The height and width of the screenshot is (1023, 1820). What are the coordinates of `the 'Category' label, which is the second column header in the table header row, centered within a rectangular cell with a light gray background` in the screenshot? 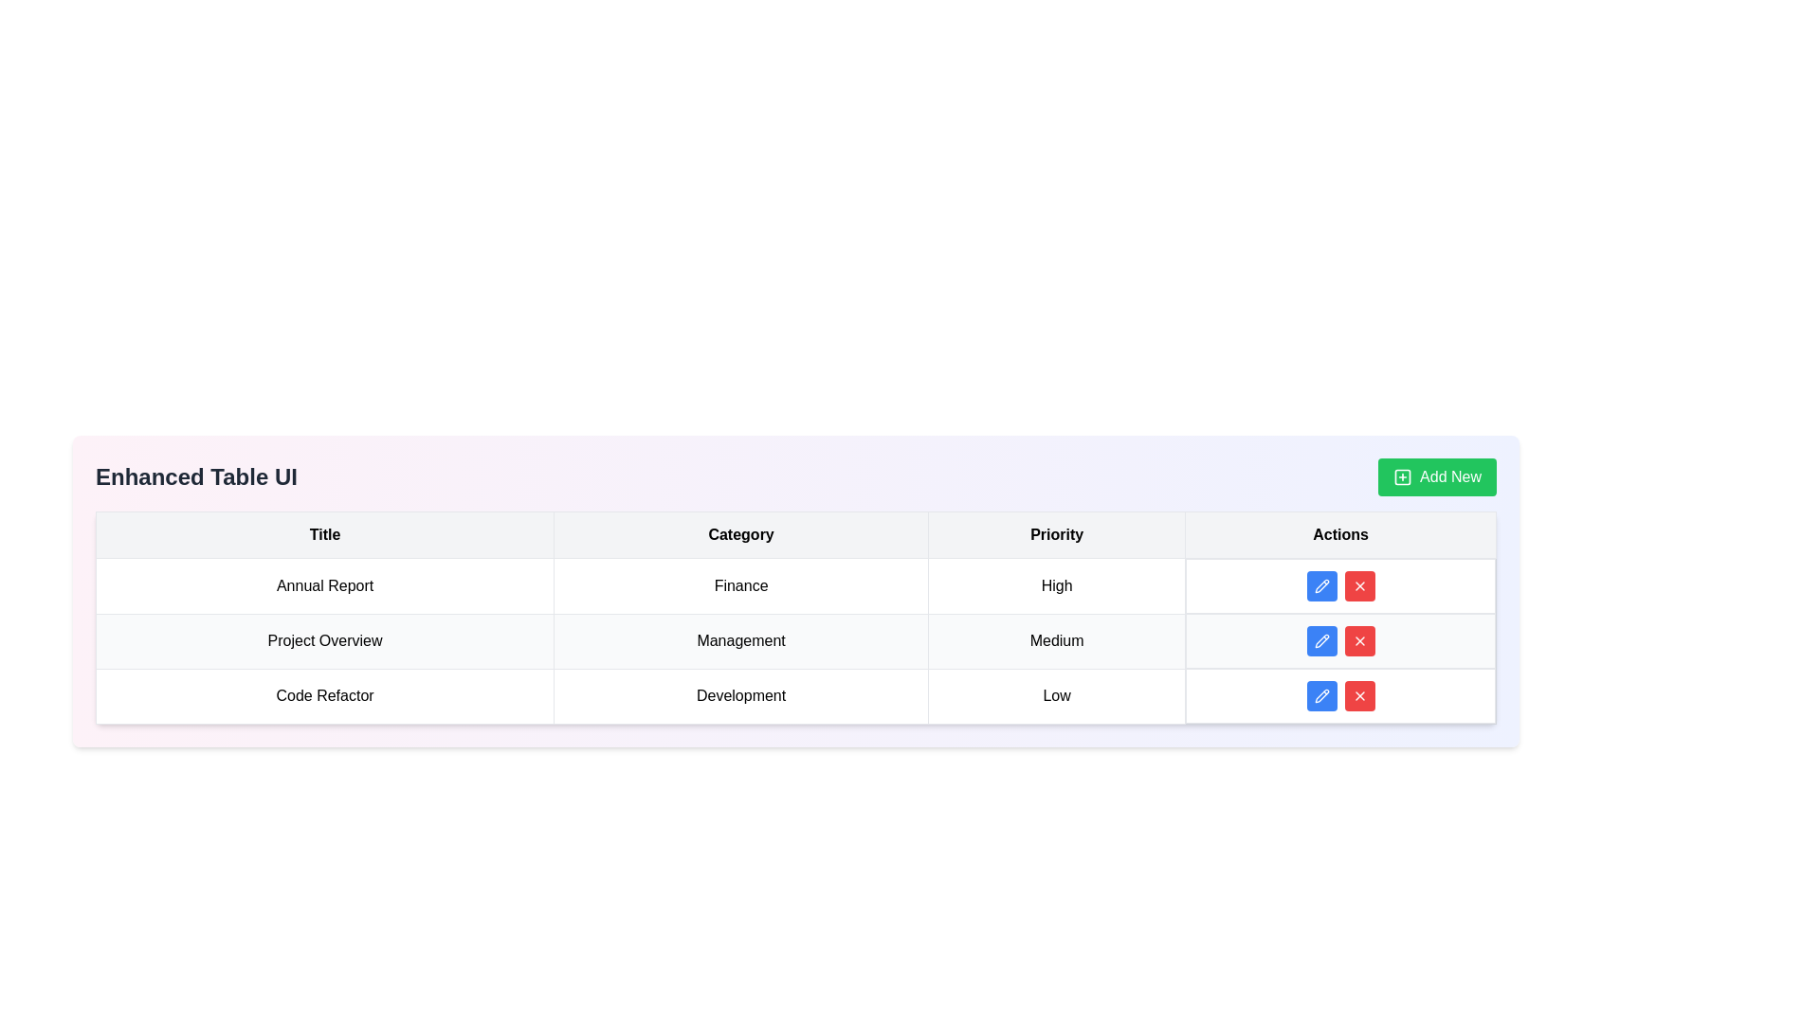 It's located at (740, 534).